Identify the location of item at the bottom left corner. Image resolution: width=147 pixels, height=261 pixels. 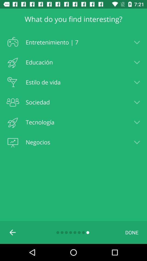
(13, 232).